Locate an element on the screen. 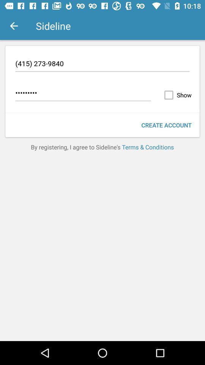 The width and height of the screenshot is (205, 365). the item next to the show item is located at coordinates (83, 94).